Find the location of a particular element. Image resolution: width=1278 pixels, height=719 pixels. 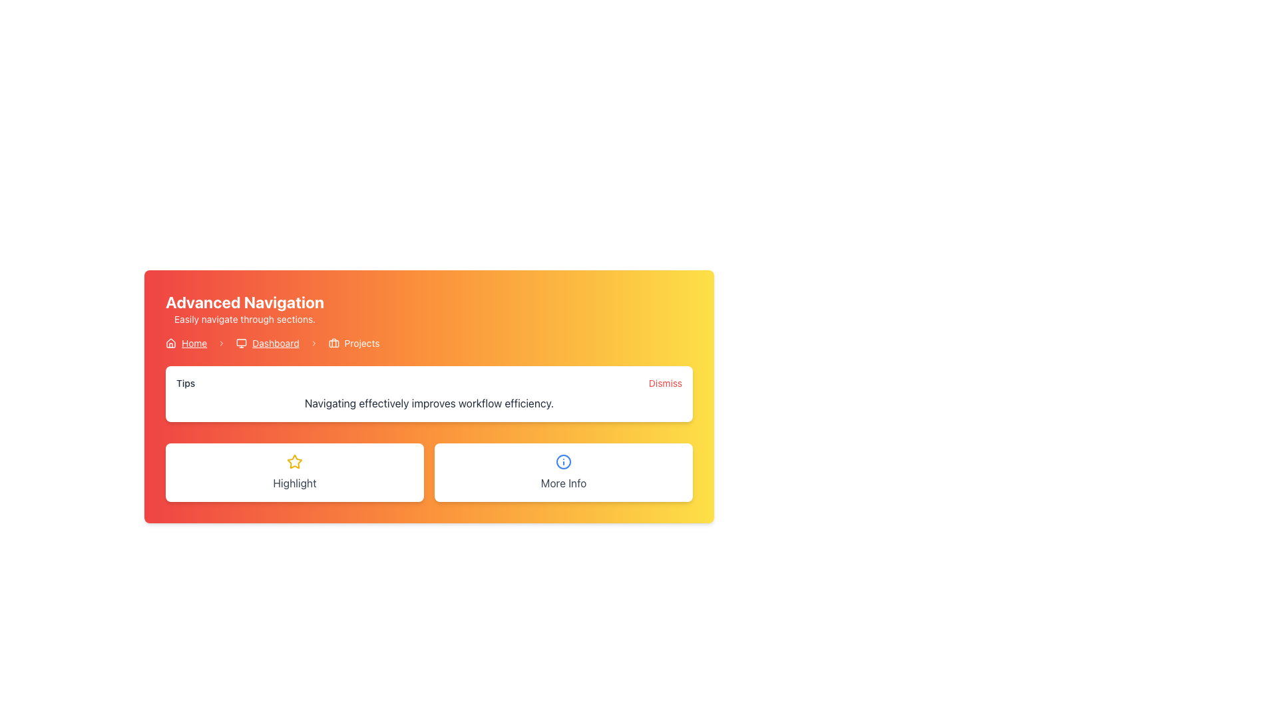

the descriptive text label located at the bottom center of its card component on the right side of the options section is located at coordinates (563, 483).